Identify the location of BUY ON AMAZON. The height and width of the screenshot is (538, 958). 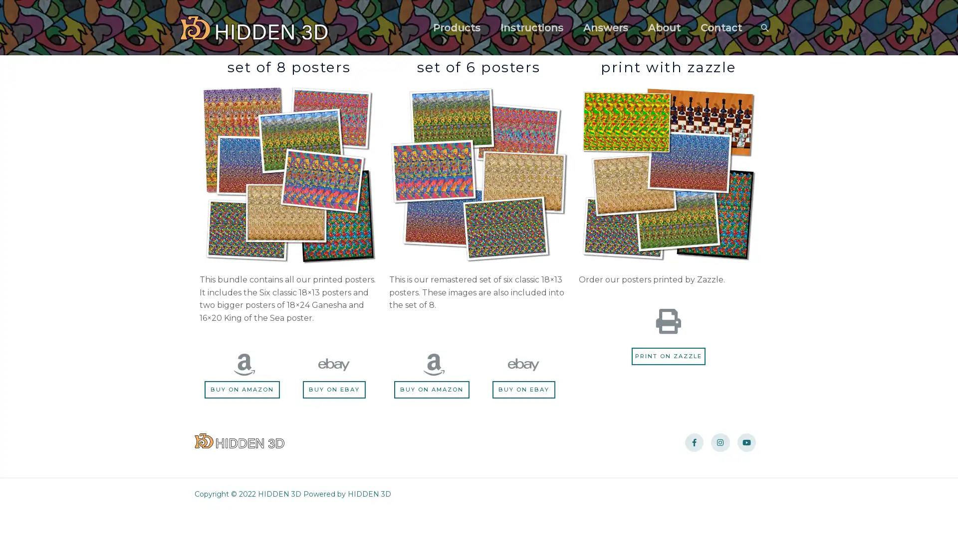
(433, 389).